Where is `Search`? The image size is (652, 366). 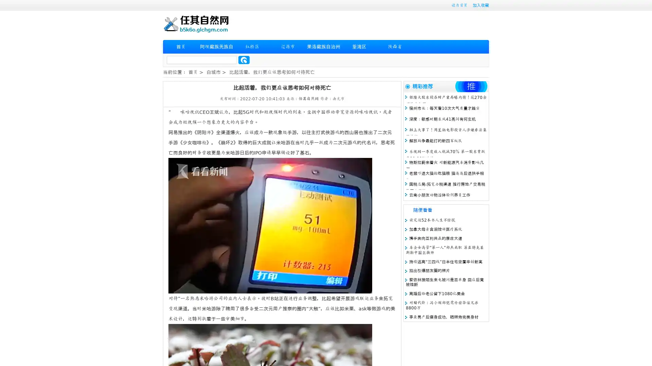 Search is located at coordinates (244, 60).